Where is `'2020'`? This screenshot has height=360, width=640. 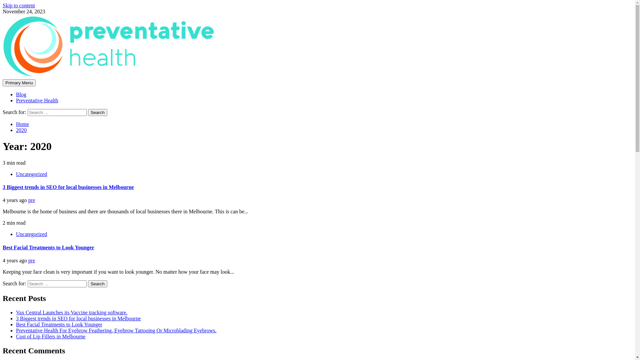 '2020' is located at coordinates (21, 130).